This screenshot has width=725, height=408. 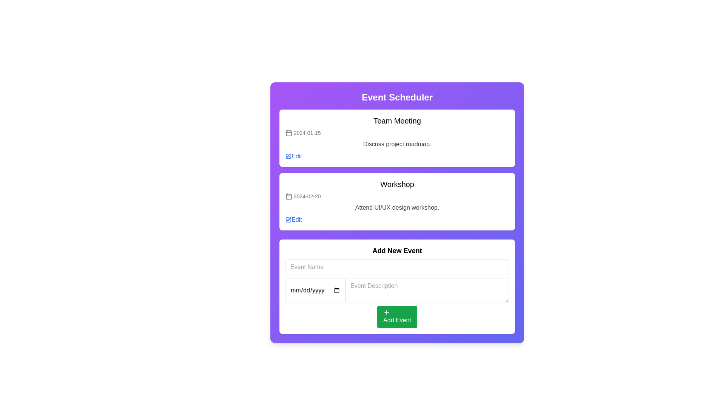 What do you see at coordinates (288, 156) in the screenshot?
I see `the graphical icon that symbolizes an action related to modifying or editing an item, located within the edit button of the first event listed` at bounding box center [288, 156].